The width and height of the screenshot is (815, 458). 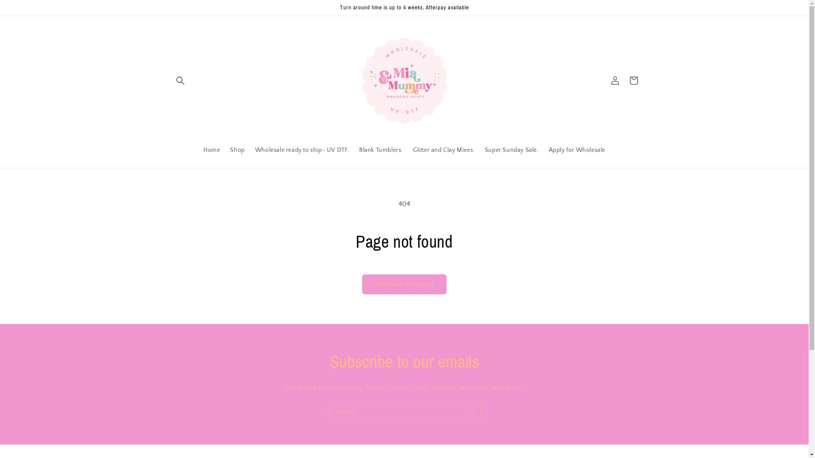 What do you see at coordinates (237, 150) in the screenshot?
I see `'Shop'` at bounding box center [237, 150].